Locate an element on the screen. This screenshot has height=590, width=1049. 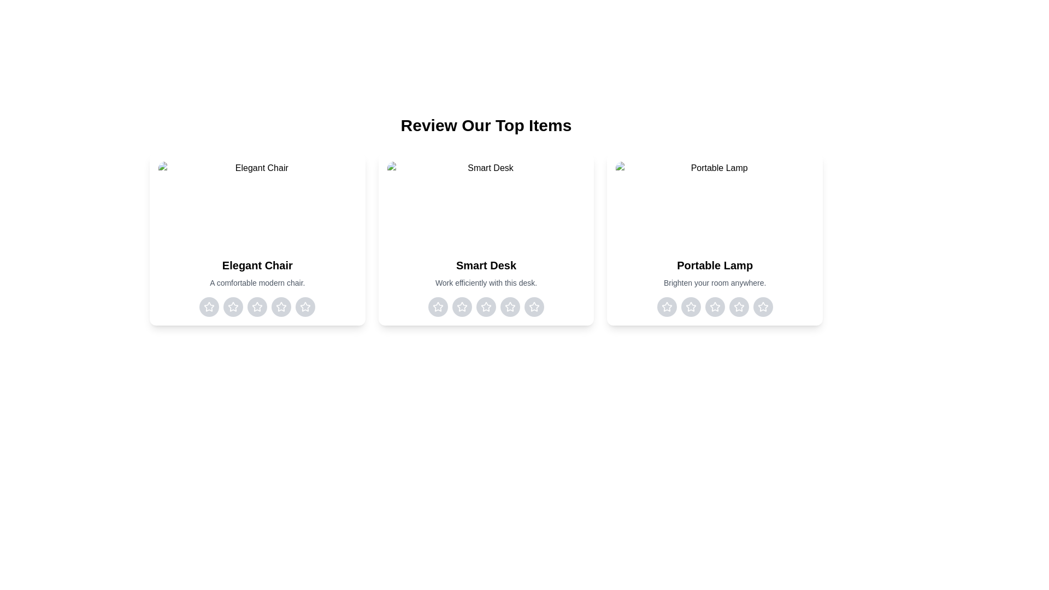
the rating for the item 'Portable Lamp' to 1 stars is located at coordinates (665, 307).